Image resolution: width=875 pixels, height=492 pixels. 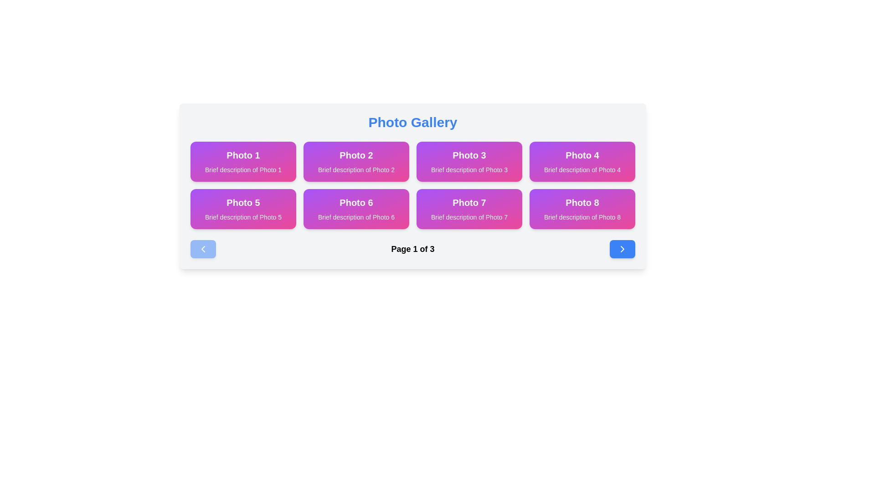 I want to click on the card labeled 'Photo 7' located in the second row and third column of the grid layout, so click(x=469, y=209).